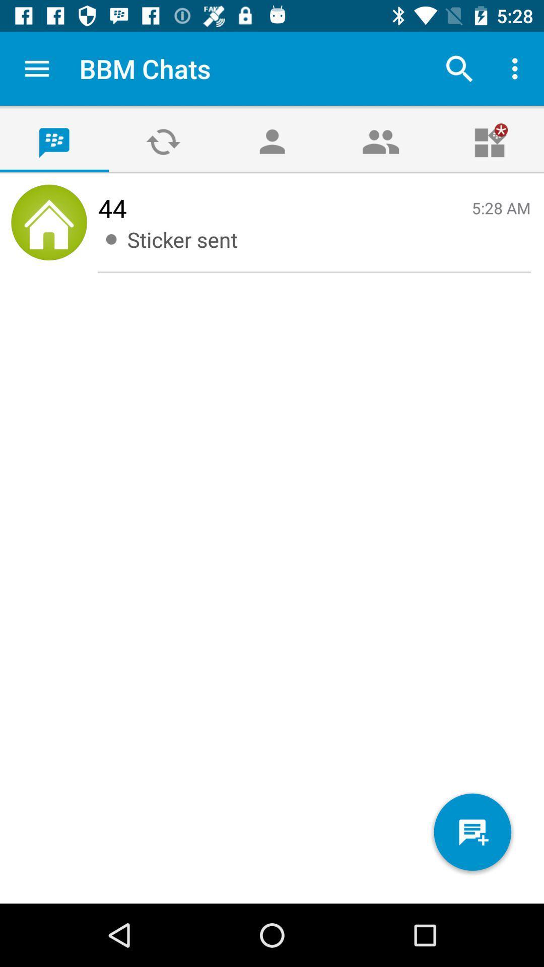 The height and width of the screenshot is (967, 544). Describe the element at coordinates (489, 141) in the screenshot. I see `the gift icon` at that location.